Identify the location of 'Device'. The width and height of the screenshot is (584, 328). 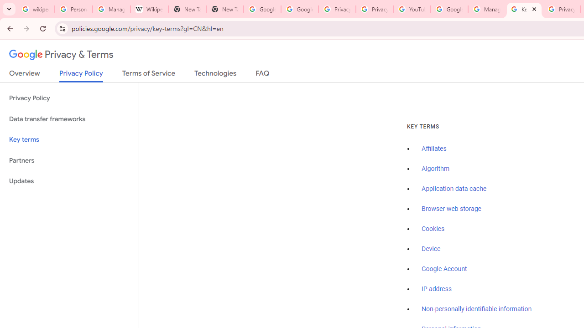
(431, 249).